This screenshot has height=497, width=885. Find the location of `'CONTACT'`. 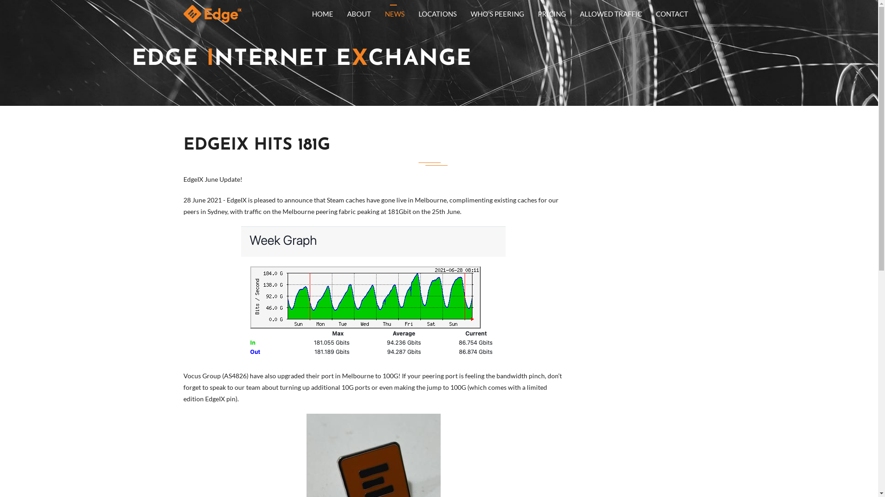

'CONTACT' is located at coordinates (672, 14).